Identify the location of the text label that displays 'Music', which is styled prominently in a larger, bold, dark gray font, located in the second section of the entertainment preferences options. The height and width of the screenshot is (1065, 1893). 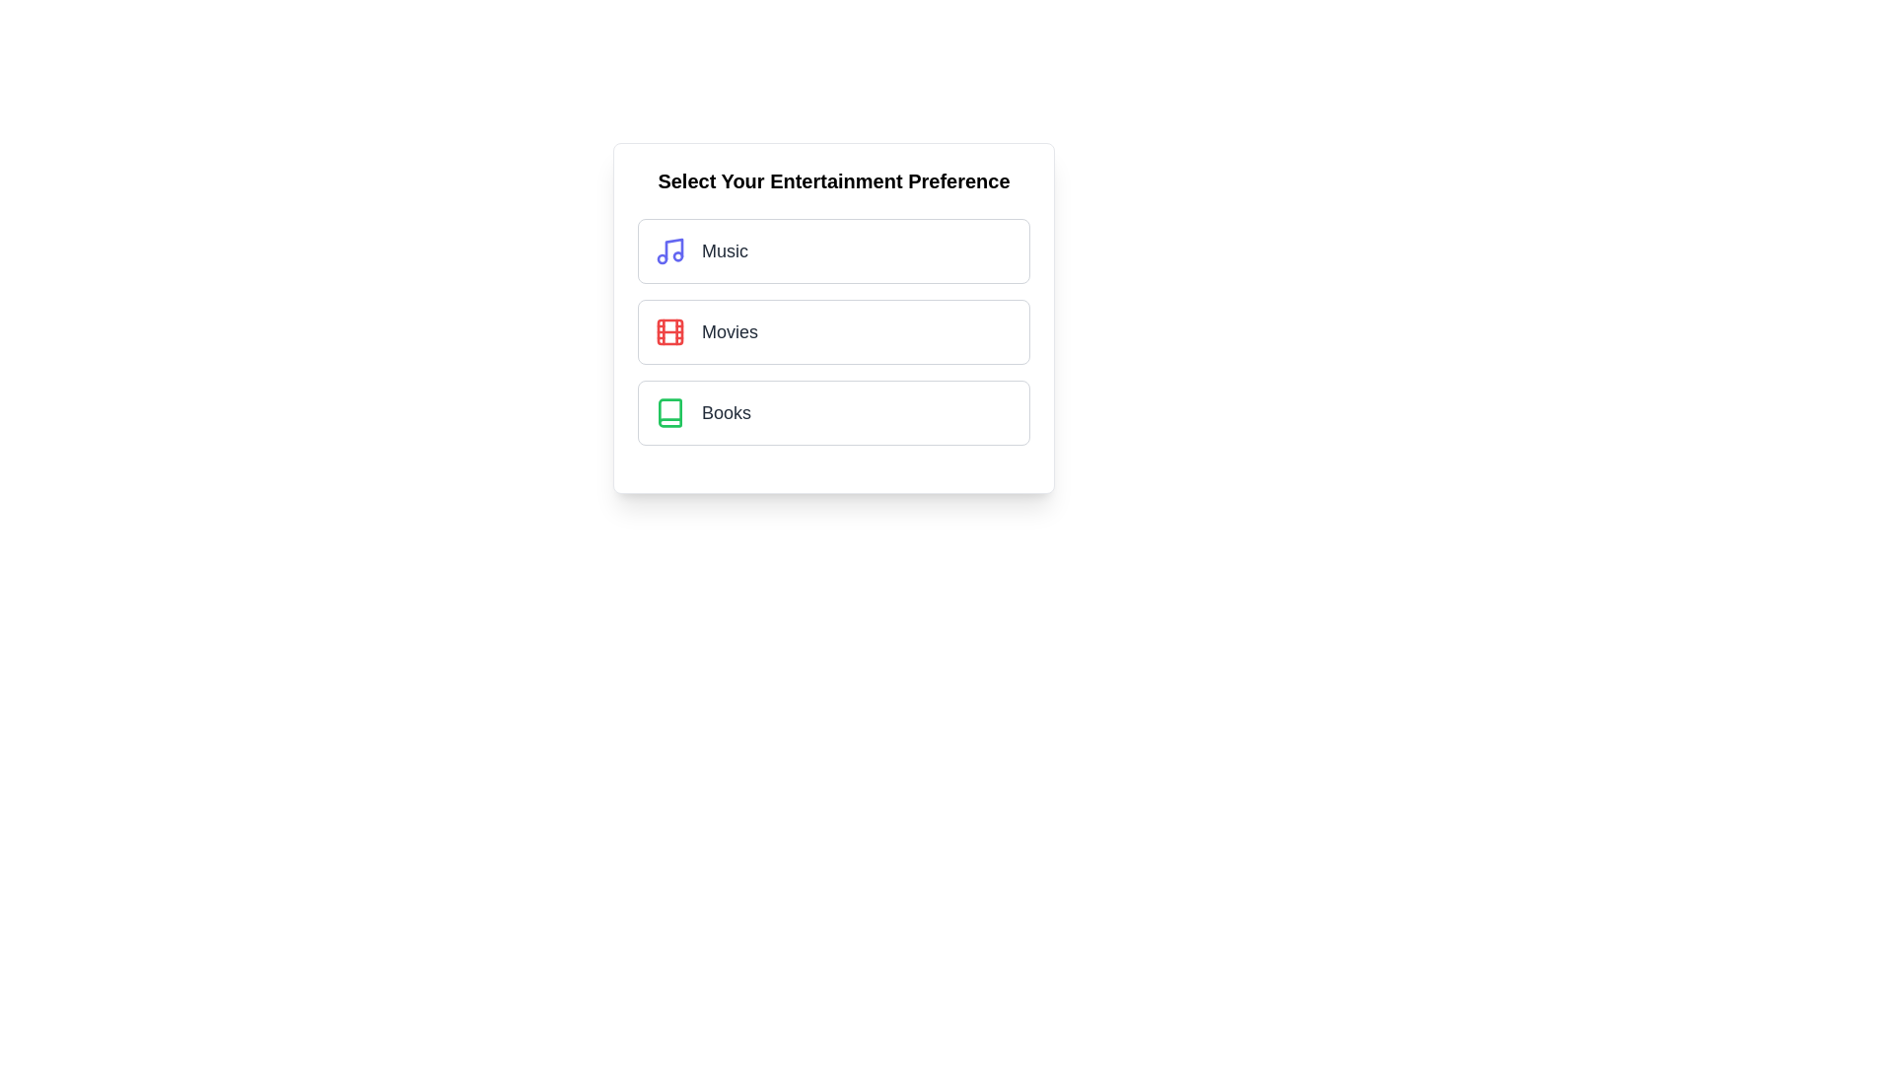
(724, 249).